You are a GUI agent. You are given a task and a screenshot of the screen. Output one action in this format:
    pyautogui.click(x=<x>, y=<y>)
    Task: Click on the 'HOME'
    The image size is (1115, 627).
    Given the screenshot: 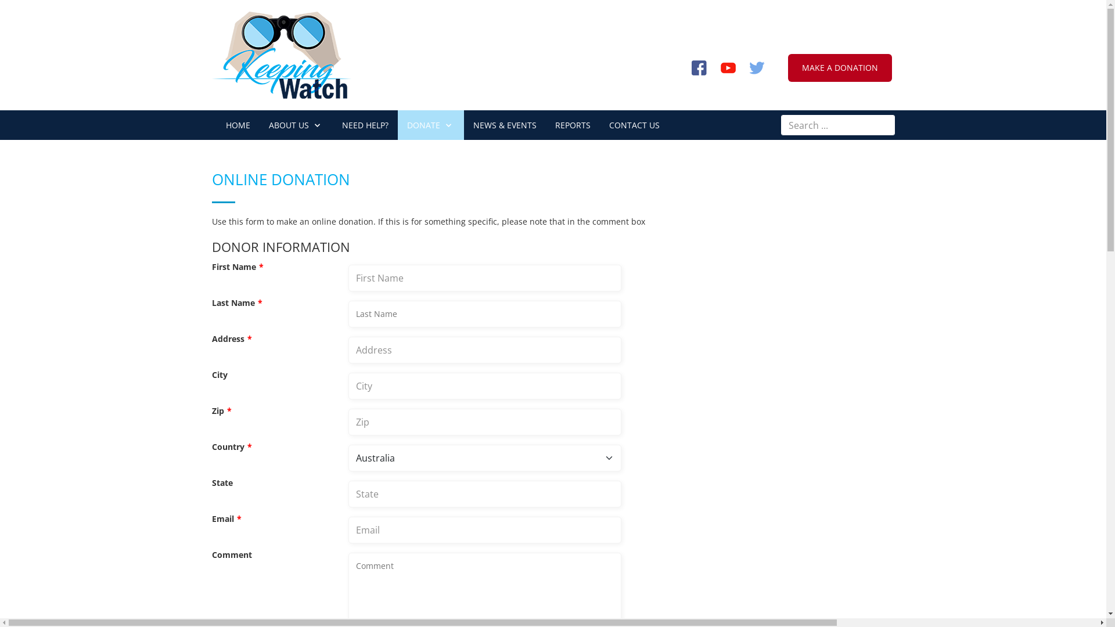 What is the action you would take?
    pyautogui.click(x=236, y=125)
    